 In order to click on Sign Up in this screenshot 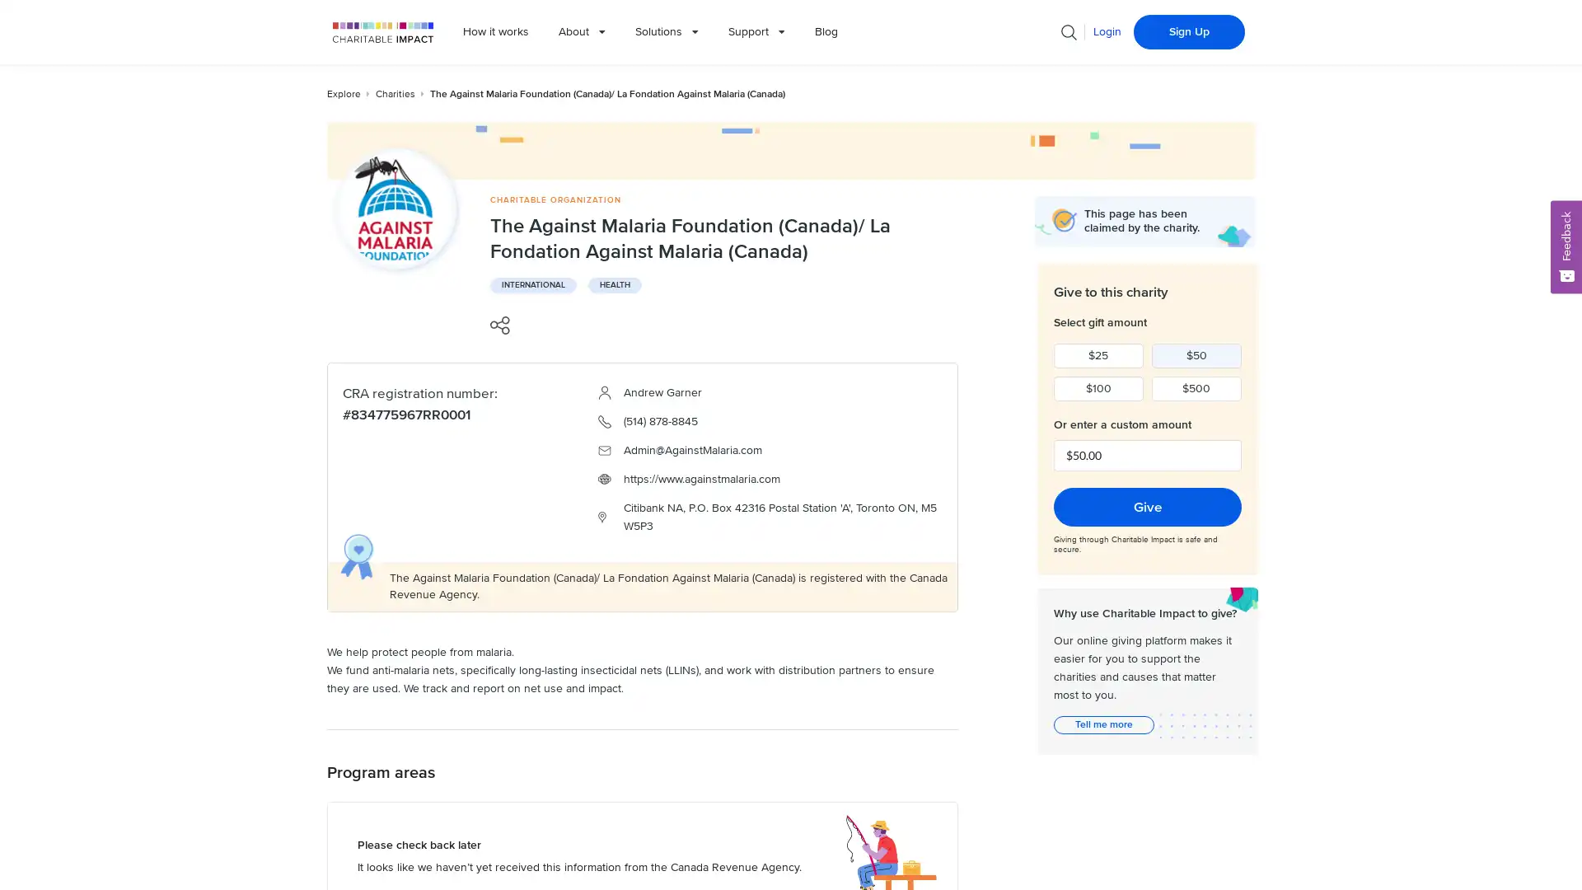, I will do `click(1188, 31)`.